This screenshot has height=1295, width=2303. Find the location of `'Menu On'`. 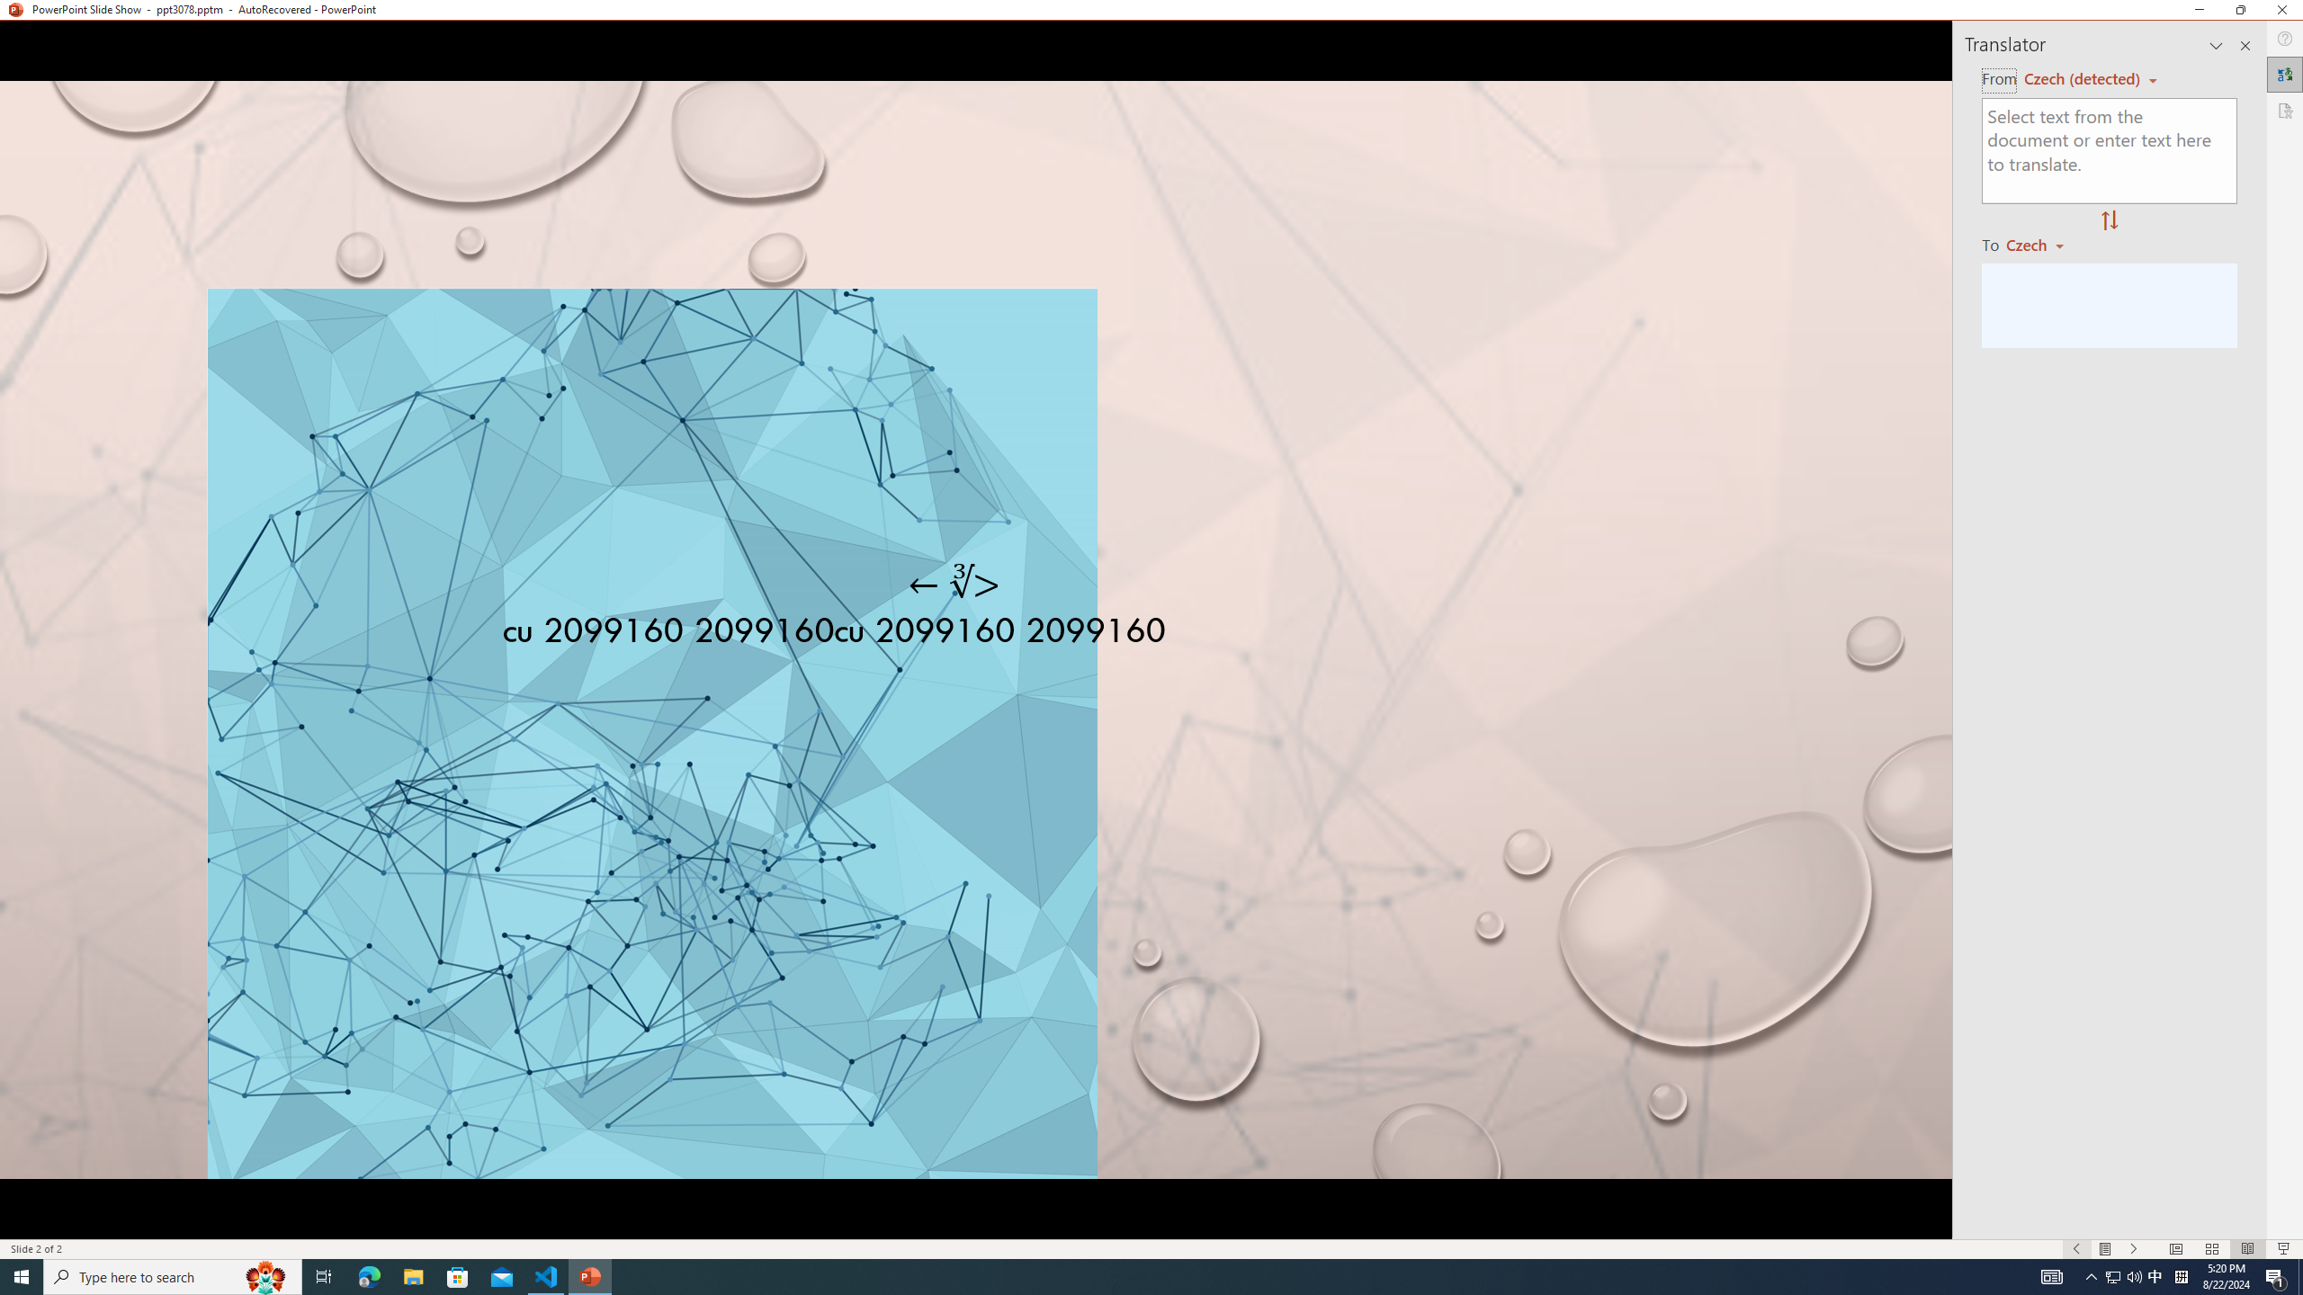

'Menu On' is located at coordinates (2105, 1249).